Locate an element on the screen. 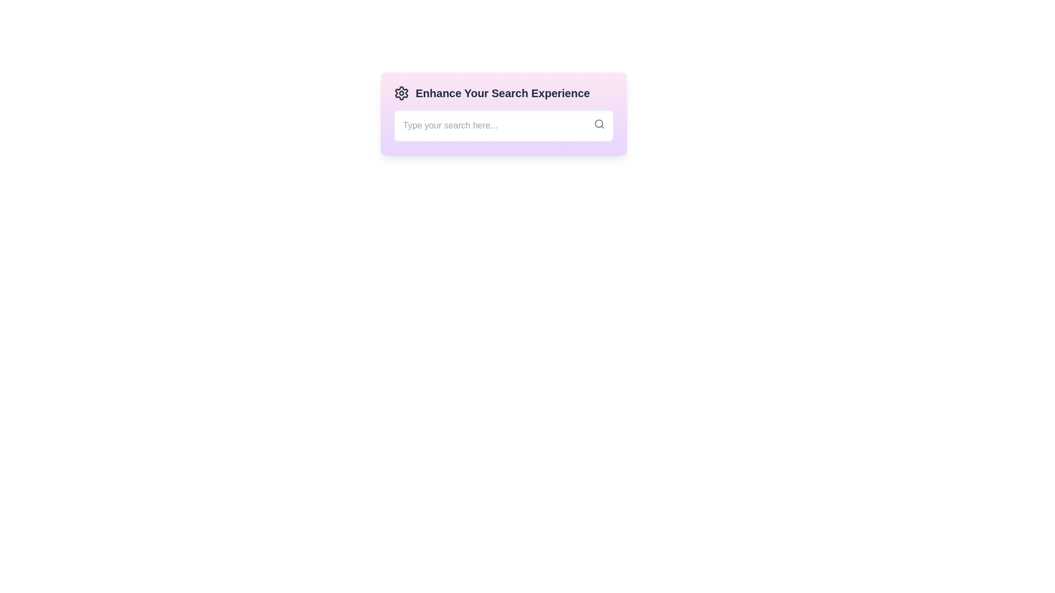 This screenshot has width=1055, height=593. the circular graphical element that represents the lens of the magnifying glass icon, located to the right of the search input field is located at coordinates (598, 124).